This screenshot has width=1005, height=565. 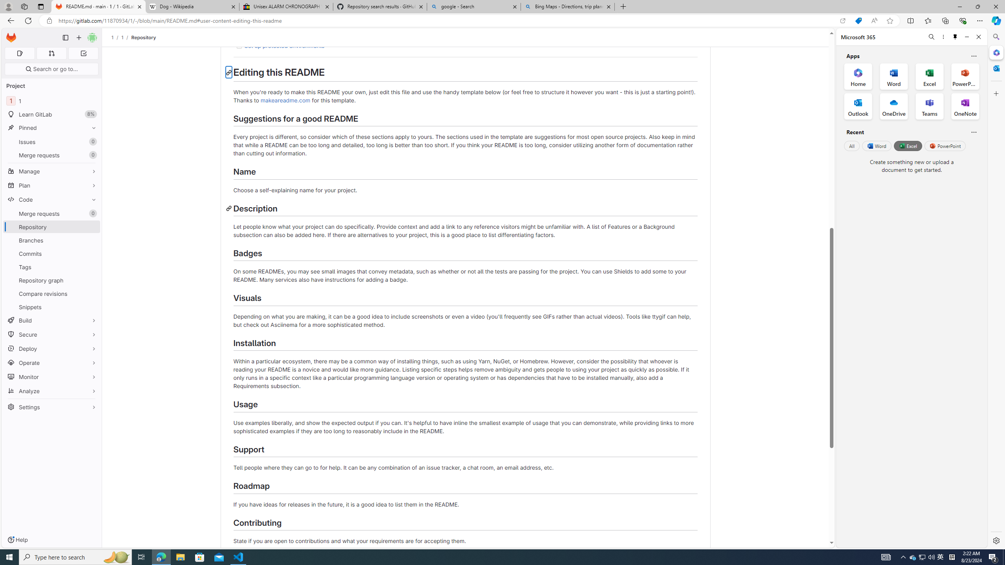 What do you see at coordinates (51, 240) in the screenshot?
I see `'Branches'` at bounding box center [51, 240].